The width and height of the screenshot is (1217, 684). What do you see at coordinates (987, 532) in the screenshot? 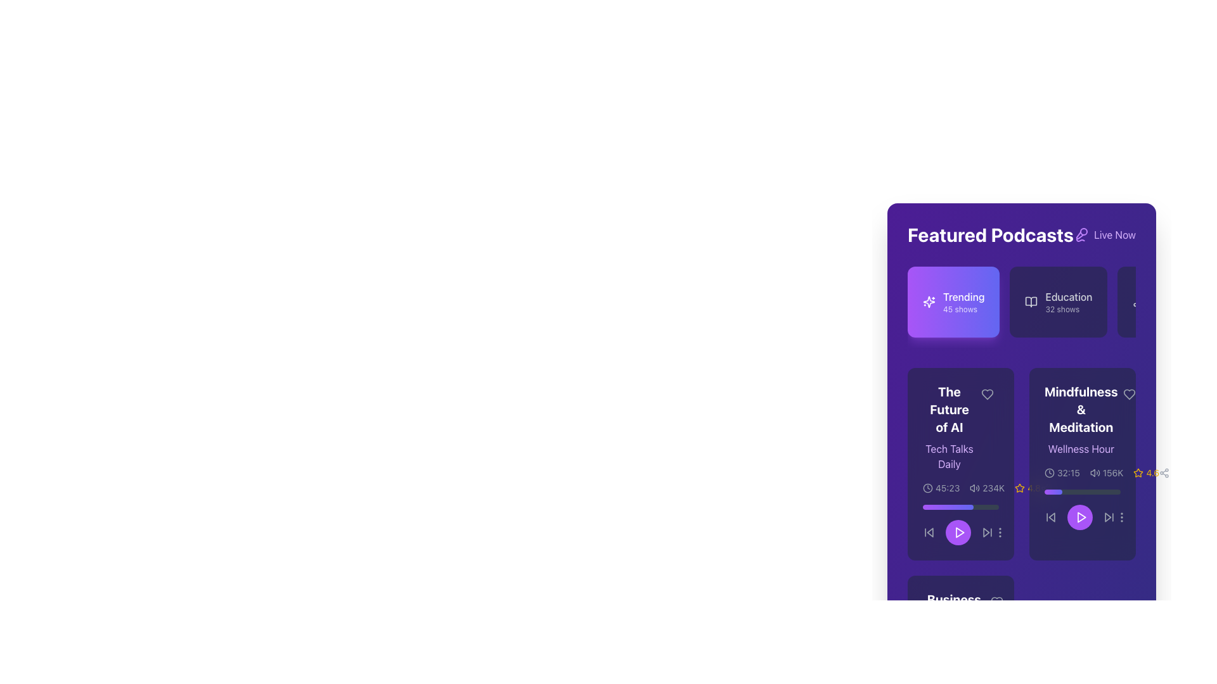
I see `the 'Skip Forward' button` at bounding box center [987, 532].